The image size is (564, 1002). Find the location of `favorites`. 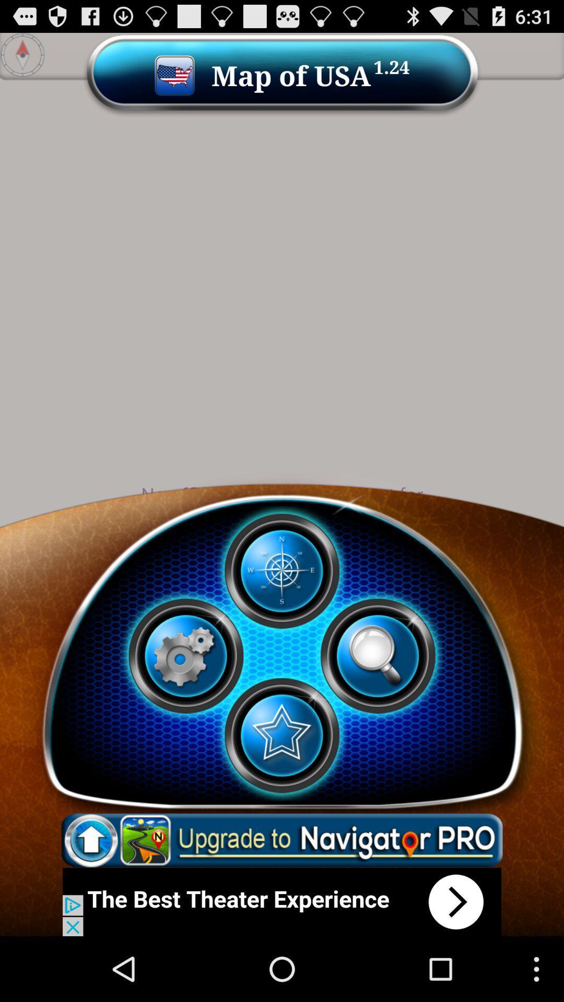

favorites is located at coordinates (281, 735).